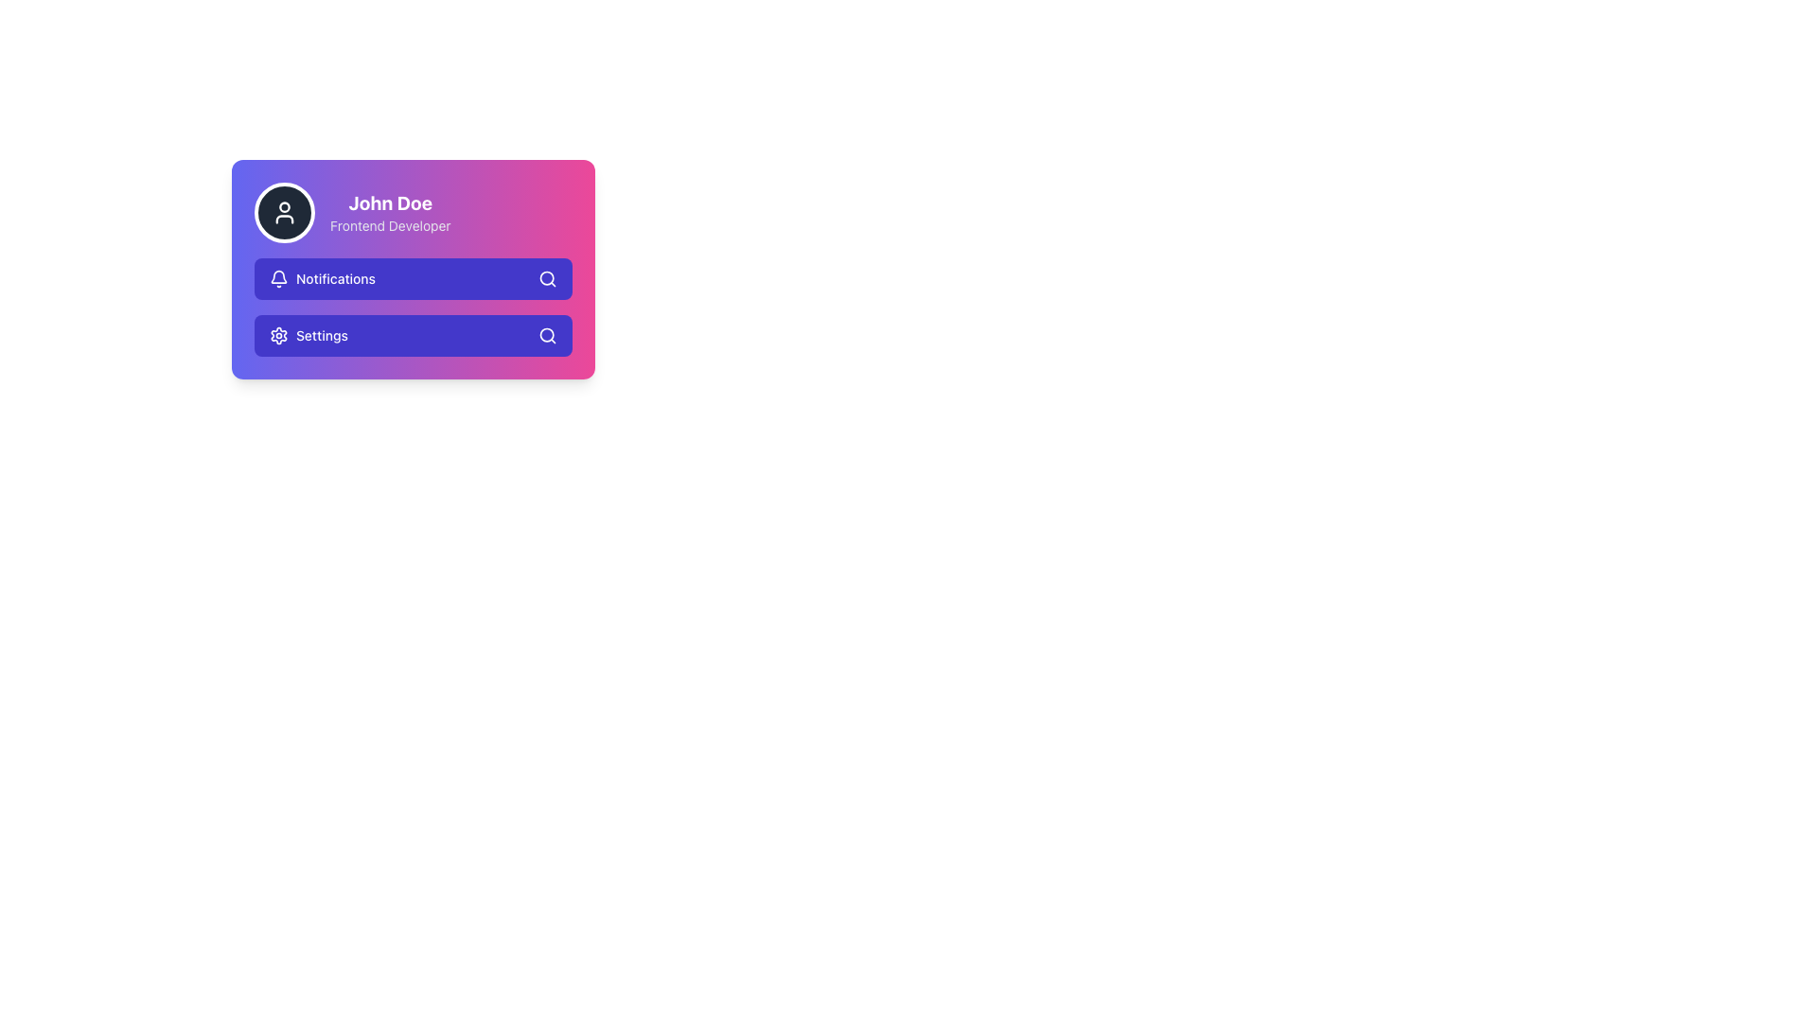 The height and width of the screenshot is (1022, 1817). Describe the element at coordinates (412, 334) in the screenshot. I see `the 'Settings' button with a deep indigo background and rounded corners` at that location.